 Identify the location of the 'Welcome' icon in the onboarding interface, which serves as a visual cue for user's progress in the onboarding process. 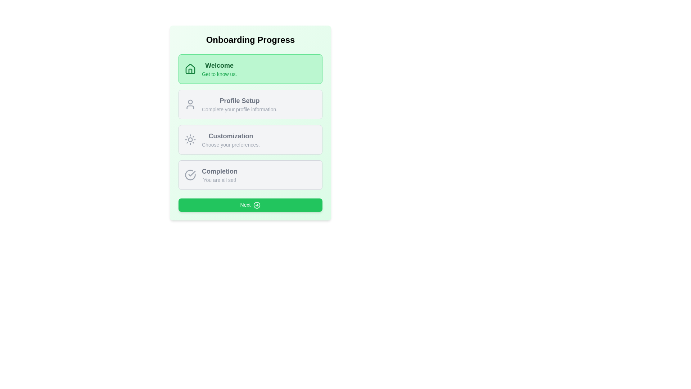
(190, 69).